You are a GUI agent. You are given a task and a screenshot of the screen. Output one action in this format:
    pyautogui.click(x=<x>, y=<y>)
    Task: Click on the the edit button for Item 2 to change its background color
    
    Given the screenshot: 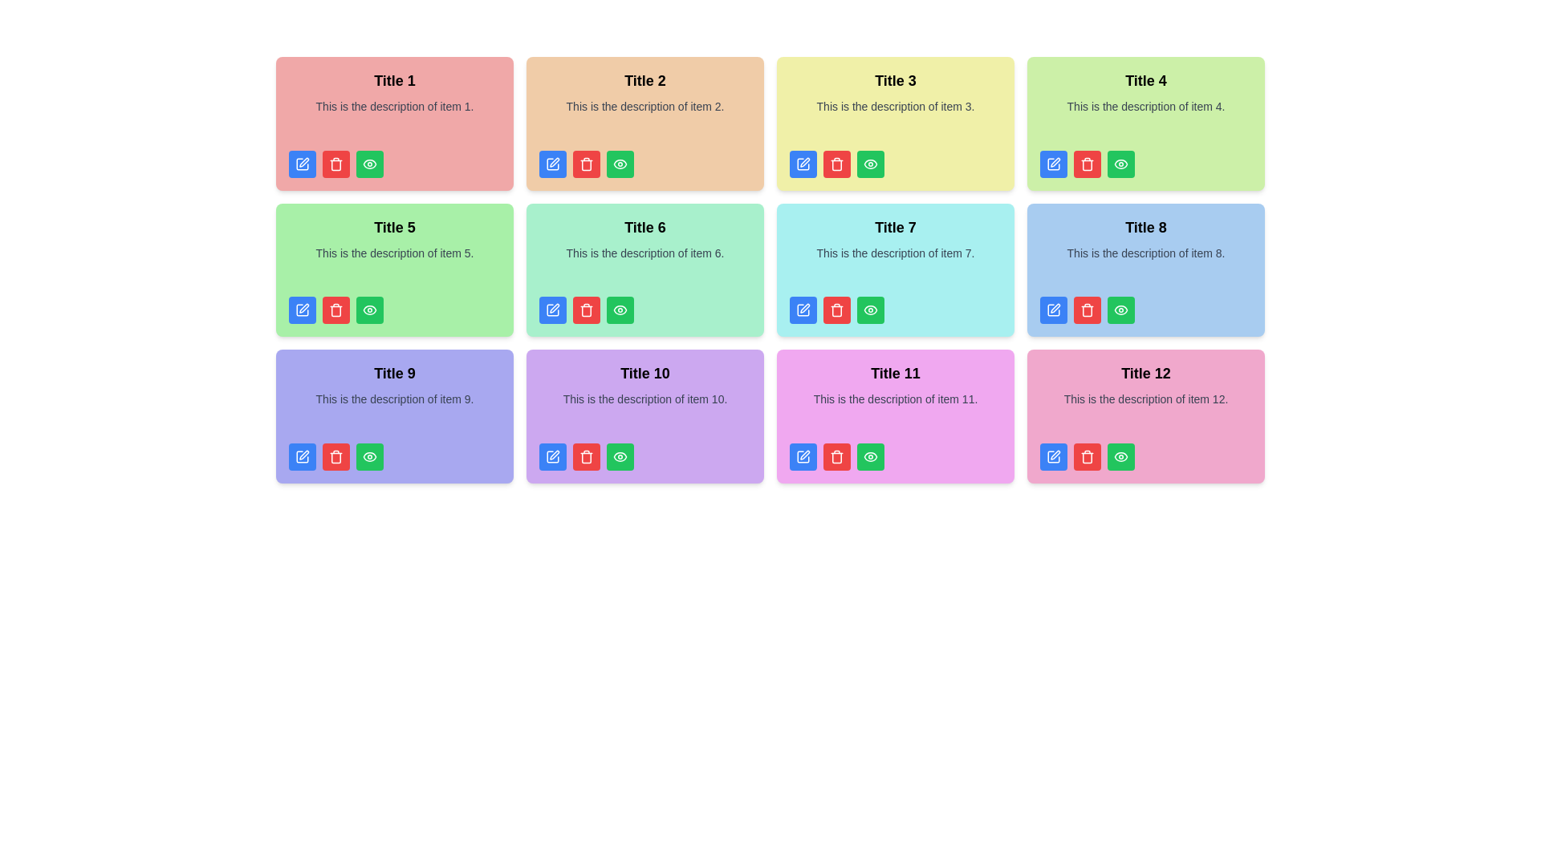 What is the action you would take?
    pyautogui.click(x=553, y=164)
    